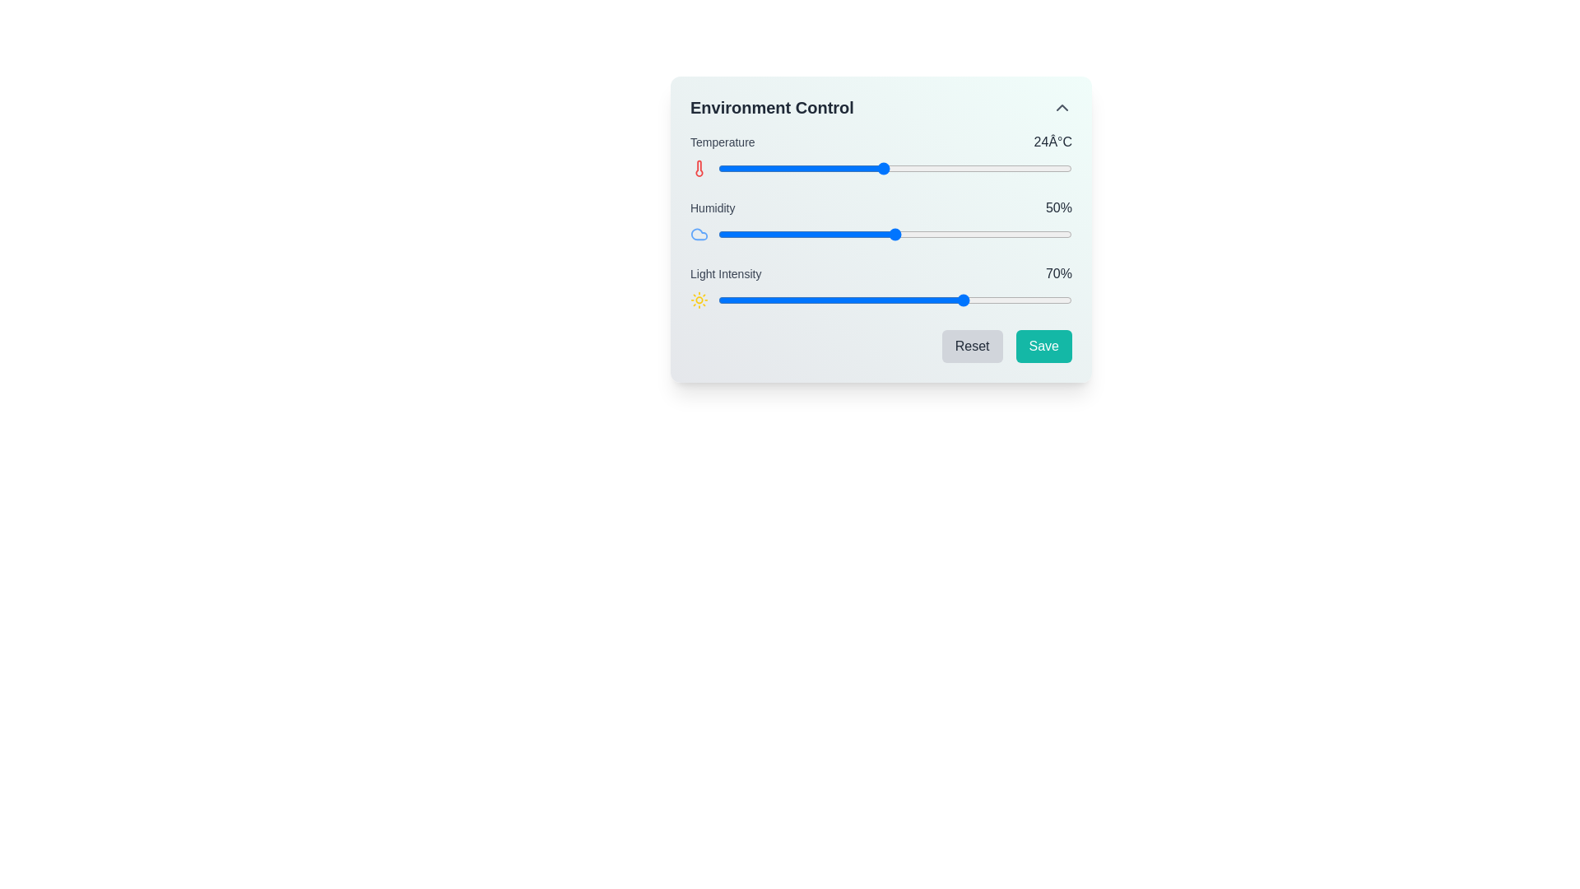 The image size is (1580, 889). Describe the element at coordinates (834, 300) in the screenshot. I see `the Light Intensity slider` at that location.